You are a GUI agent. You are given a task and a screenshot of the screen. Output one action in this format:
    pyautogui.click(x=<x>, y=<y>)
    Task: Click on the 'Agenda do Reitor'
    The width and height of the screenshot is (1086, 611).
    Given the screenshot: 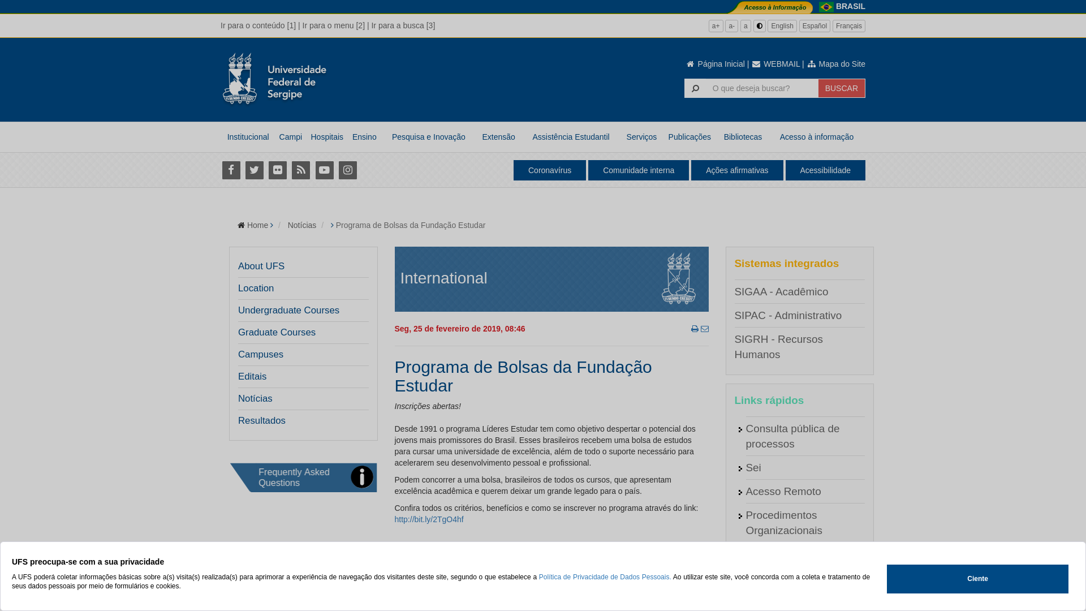 What is the action you would take?
    pyautogui.click(x=786, y=578)
    